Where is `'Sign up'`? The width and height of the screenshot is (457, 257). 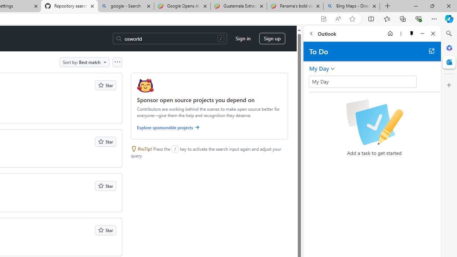 'Sign up' is located at coordinates (272, 39).